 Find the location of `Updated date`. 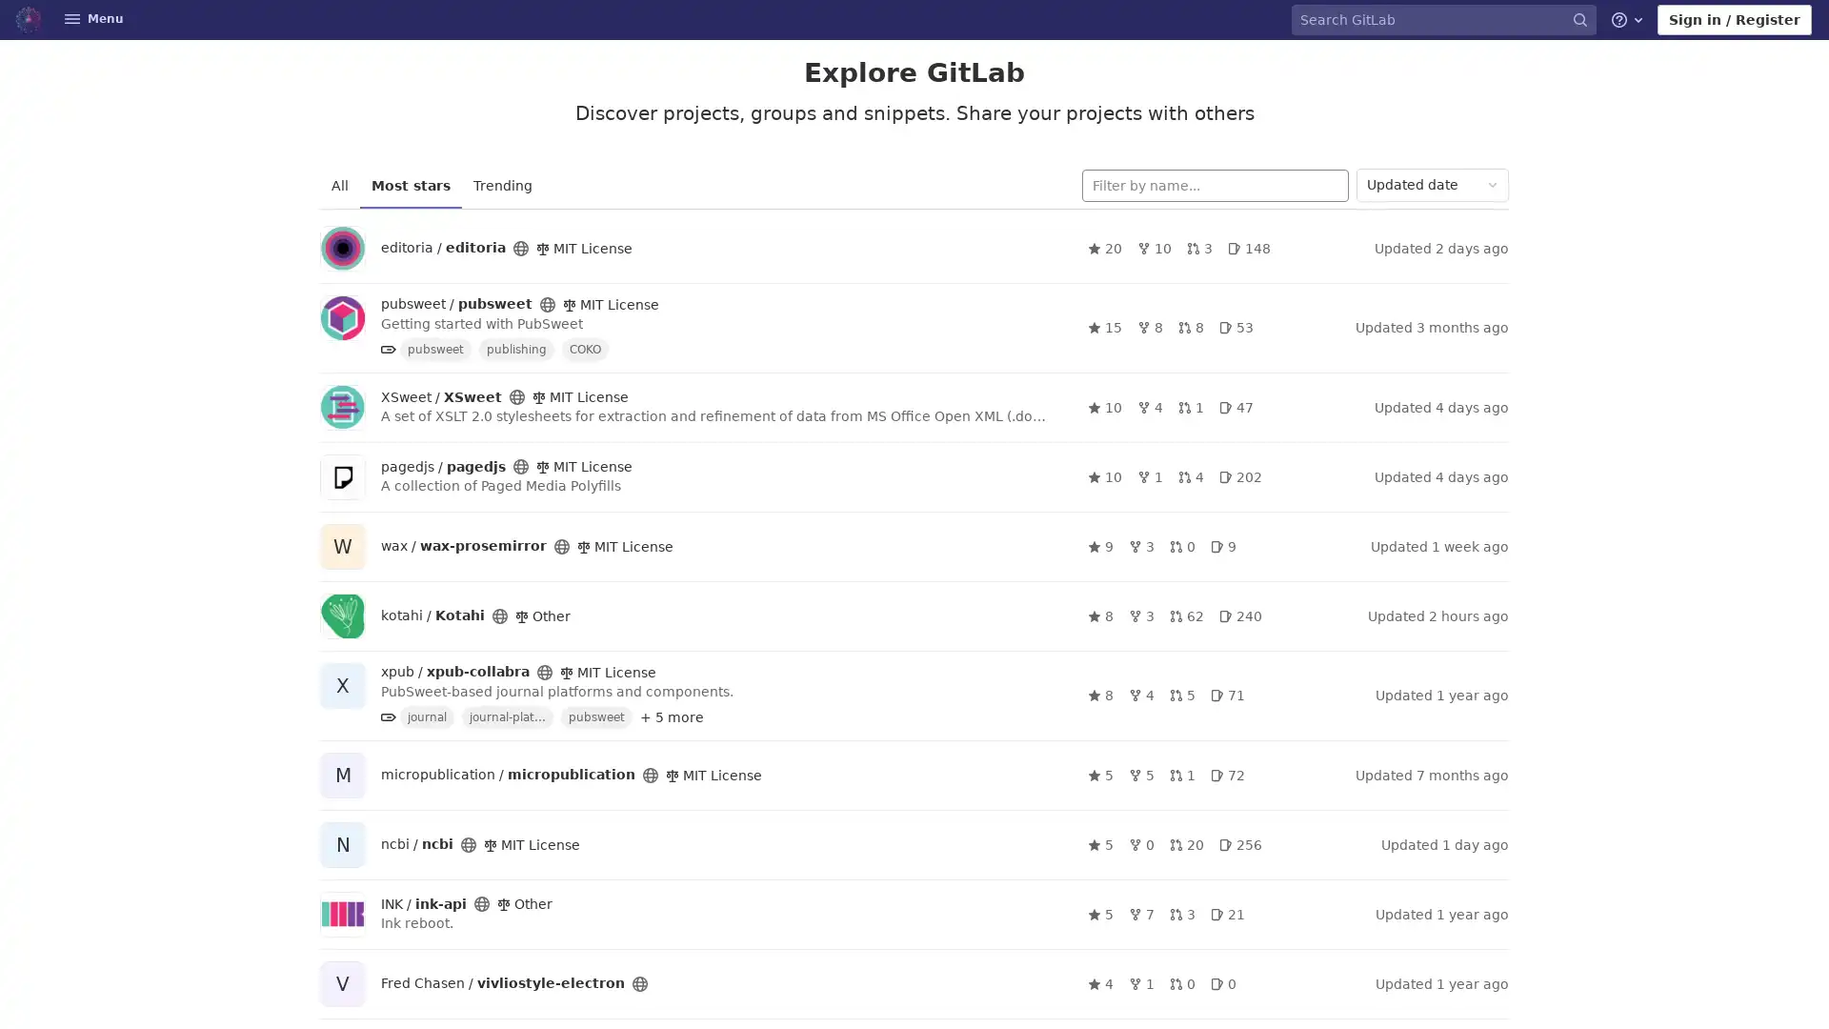

Updated date is located at coordinates (1432, 185).